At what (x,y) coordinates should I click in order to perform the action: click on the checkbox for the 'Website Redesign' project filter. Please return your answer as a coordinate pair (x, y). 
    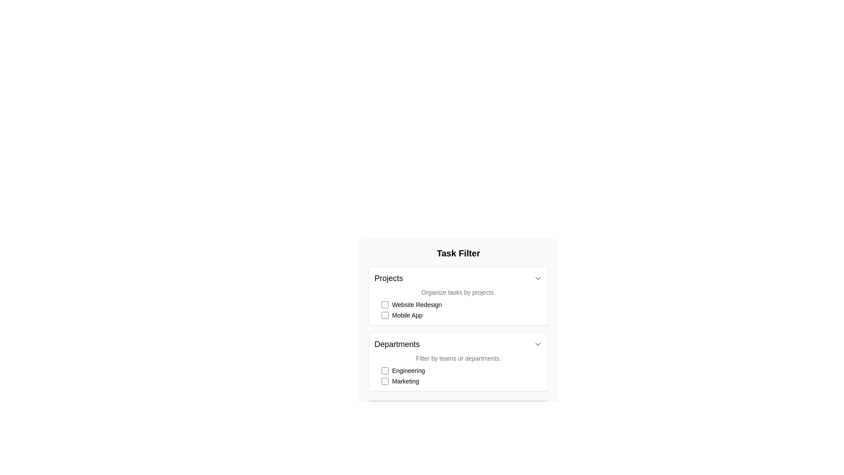
    Looking at the image, I should click on (385, 304).